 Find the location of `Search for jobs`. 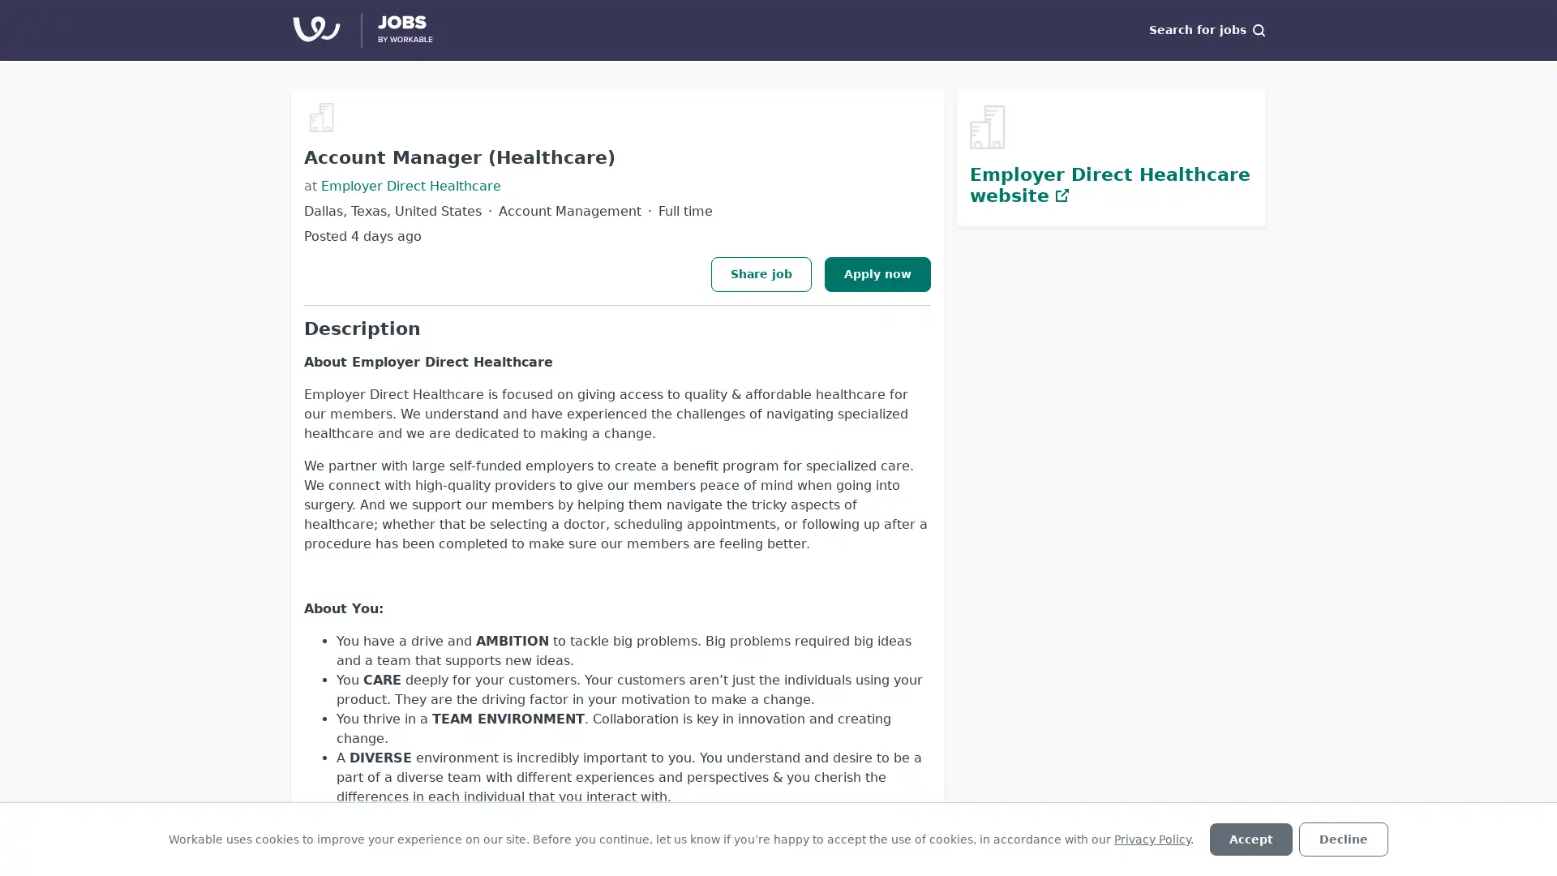

Search for jobs is located at coordinates (1207, 30).